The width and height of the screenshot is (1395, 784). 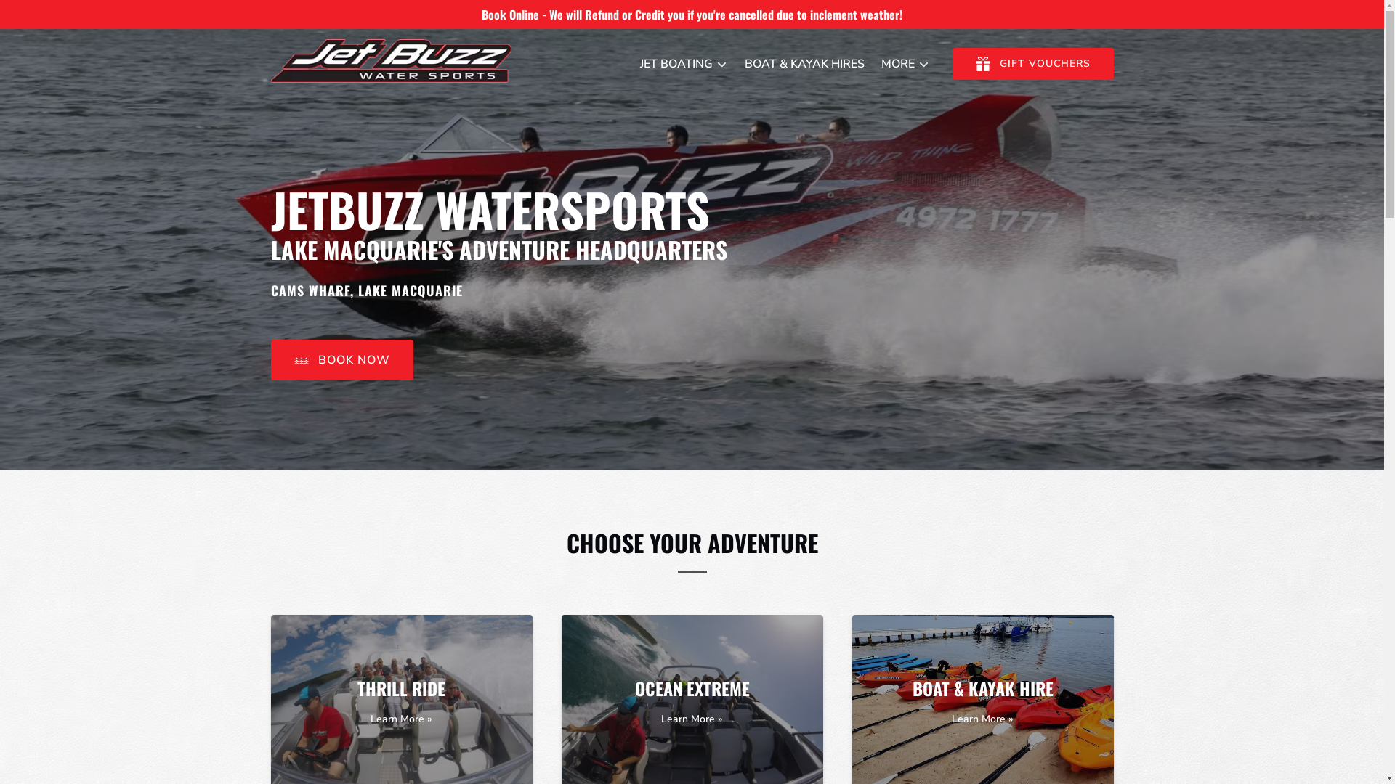 I want to click on 'Skip to content', so click(x=7, y=16).